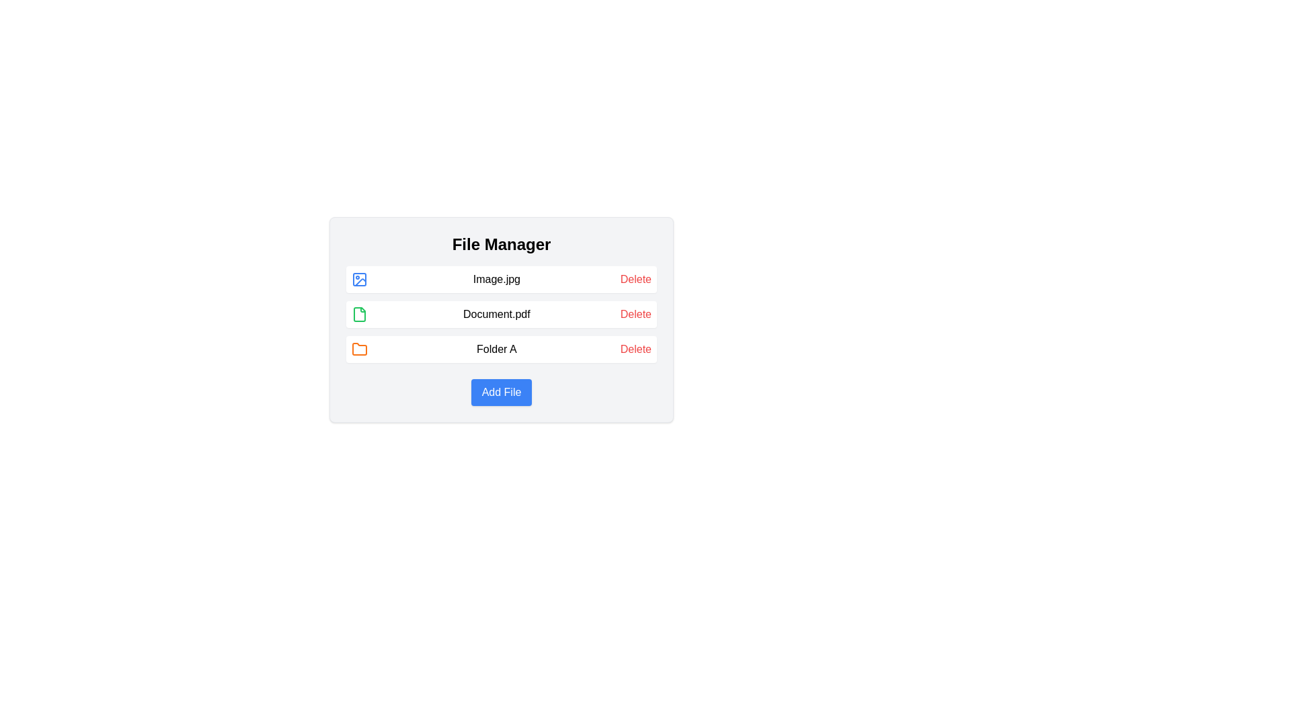 This screenshot has width=1291, height=726. Describe the element at coordinates (360, 282) in the screenshot. I see `the row containing the icon located on the left side of the first row in the File Manager list` at that location.